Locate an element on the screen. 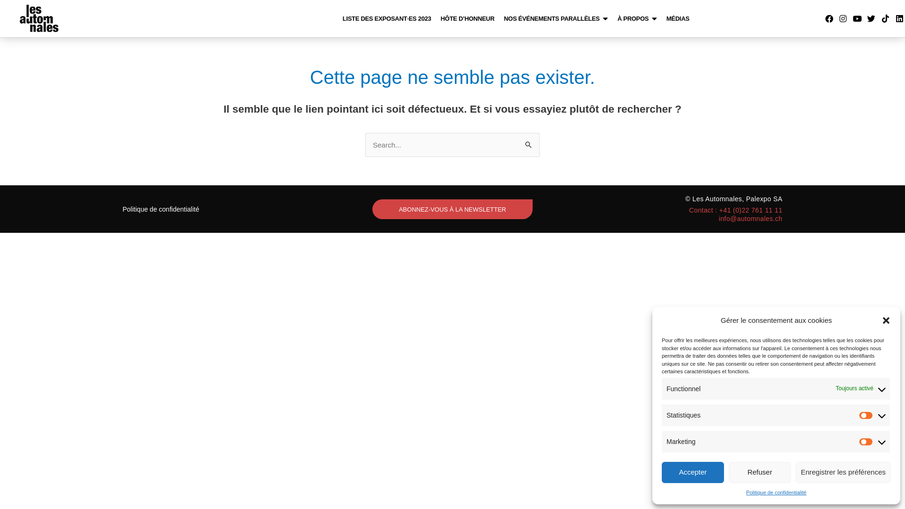 The image size is (905, 509). 'Youtube' is located at coordinates (857, 18).